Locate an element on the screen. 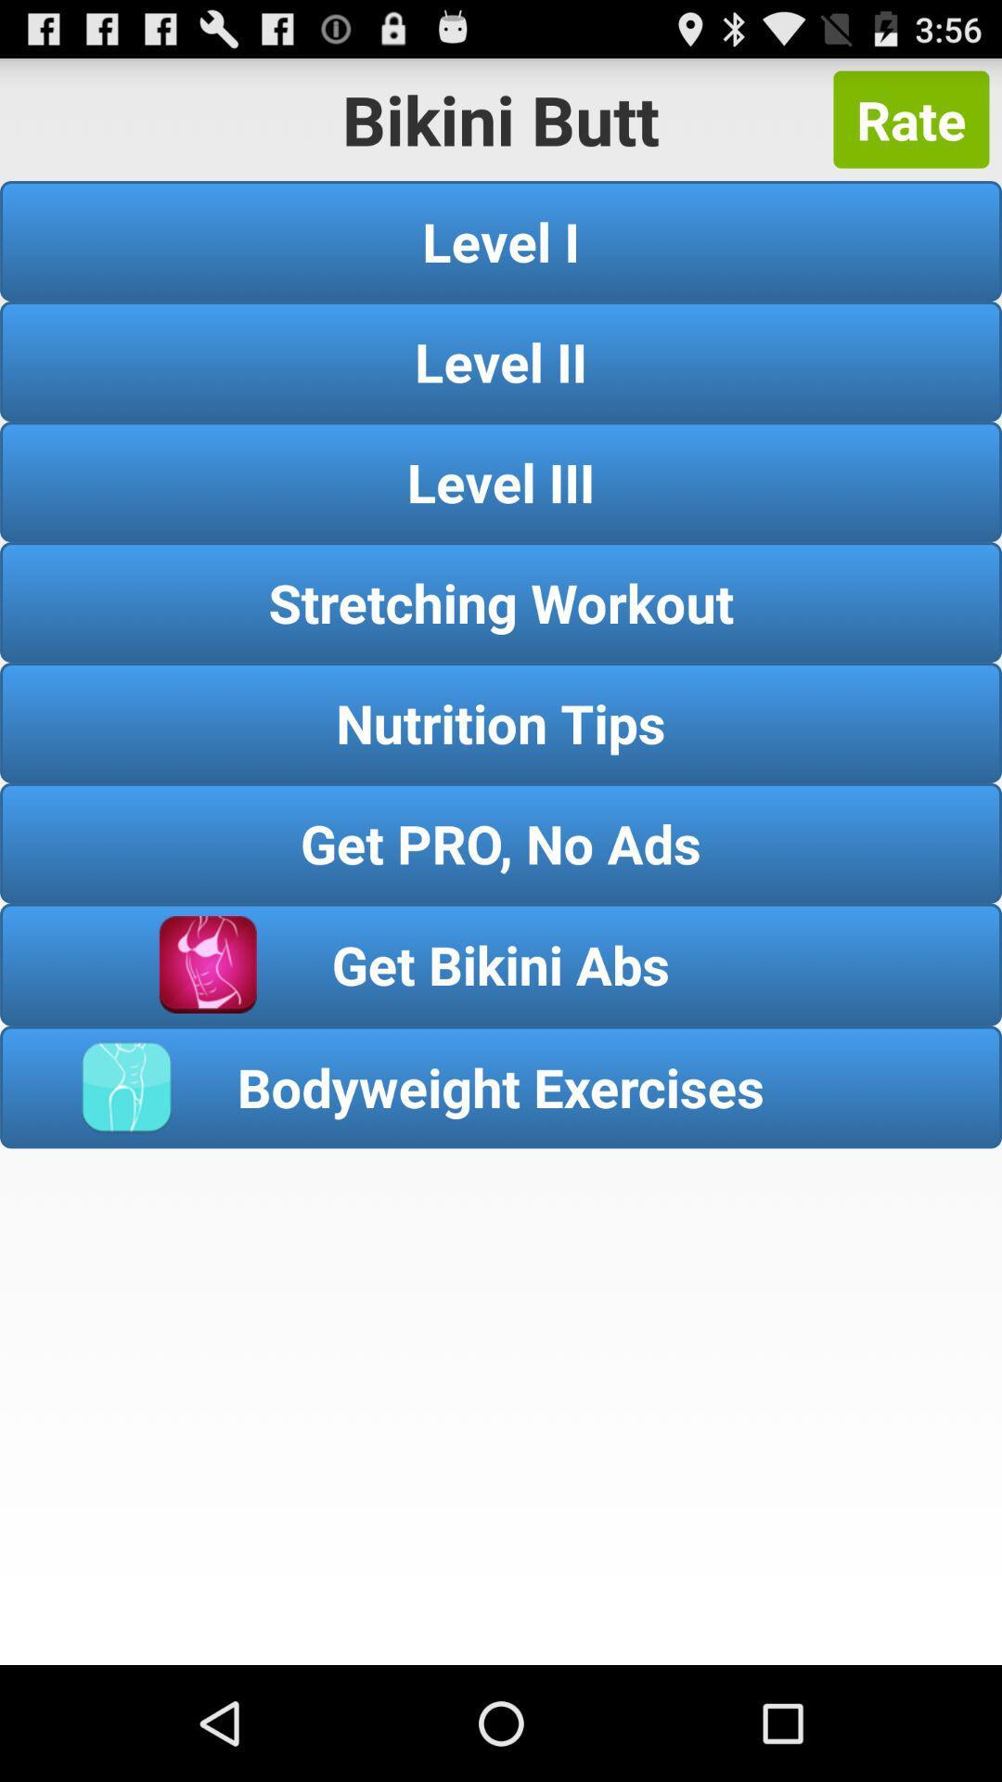 The height and width of the screenshot is (1782, 1002). the item above the stretching workout item is located at coordinates (501, 482).